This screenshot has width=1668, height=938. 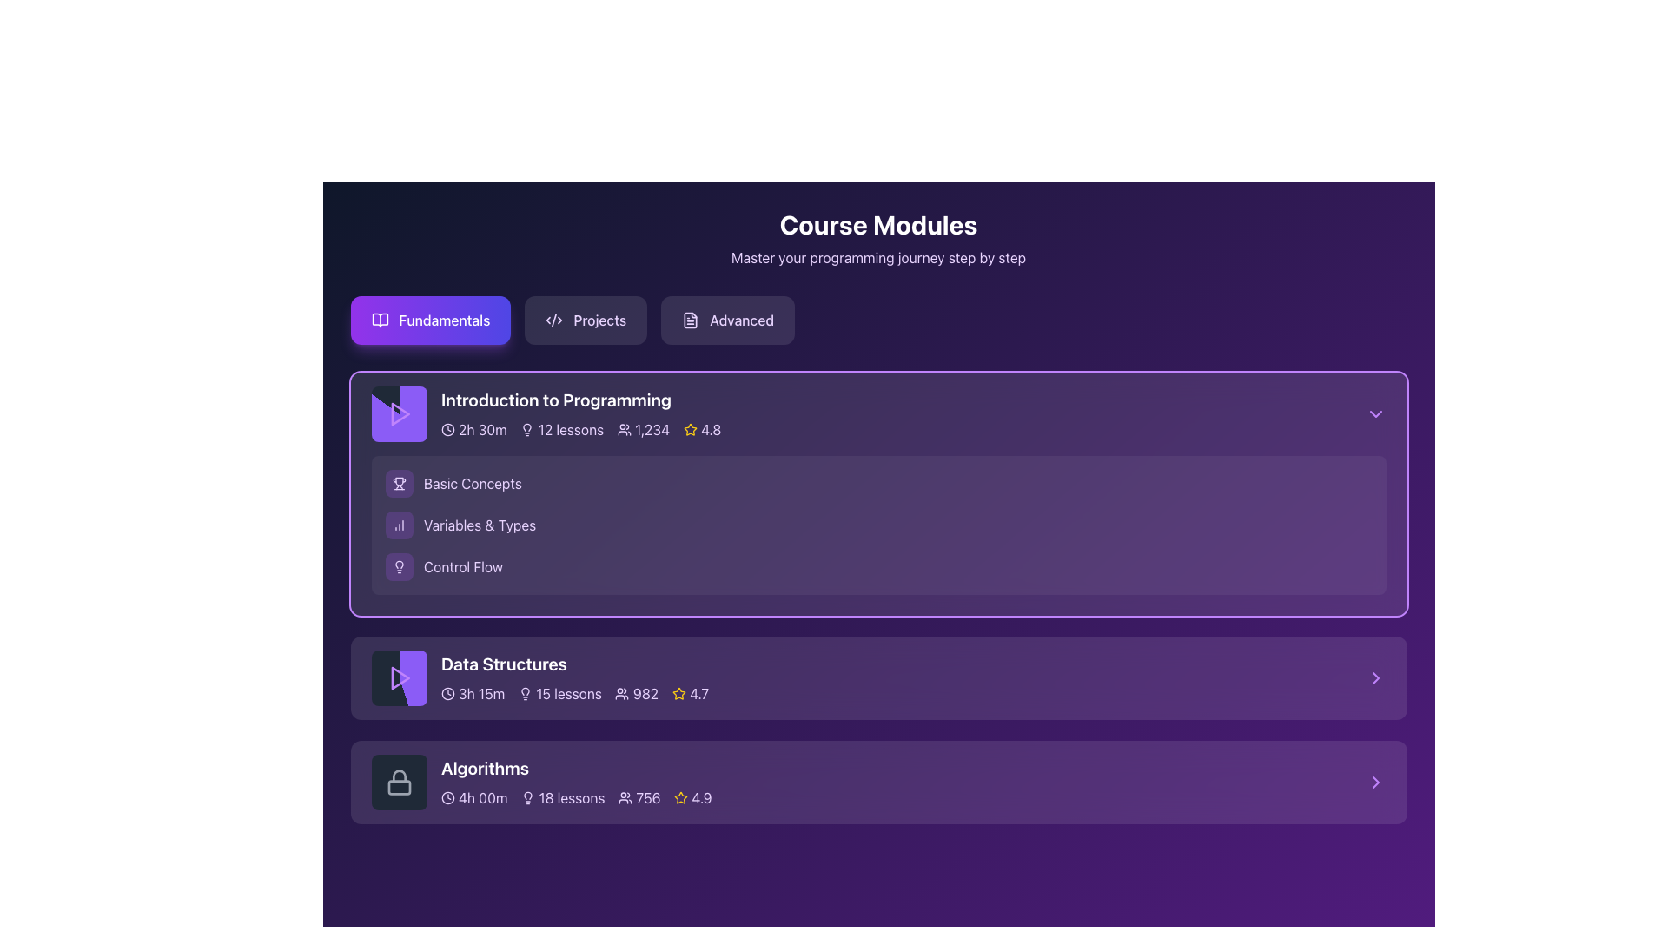 What do you see at coordinates (1374, 414) in the screenshot?
I see `the chevron icon button in the top-right corner of the 'Introduction to Programming' section` at bounding box center [1374, 414].